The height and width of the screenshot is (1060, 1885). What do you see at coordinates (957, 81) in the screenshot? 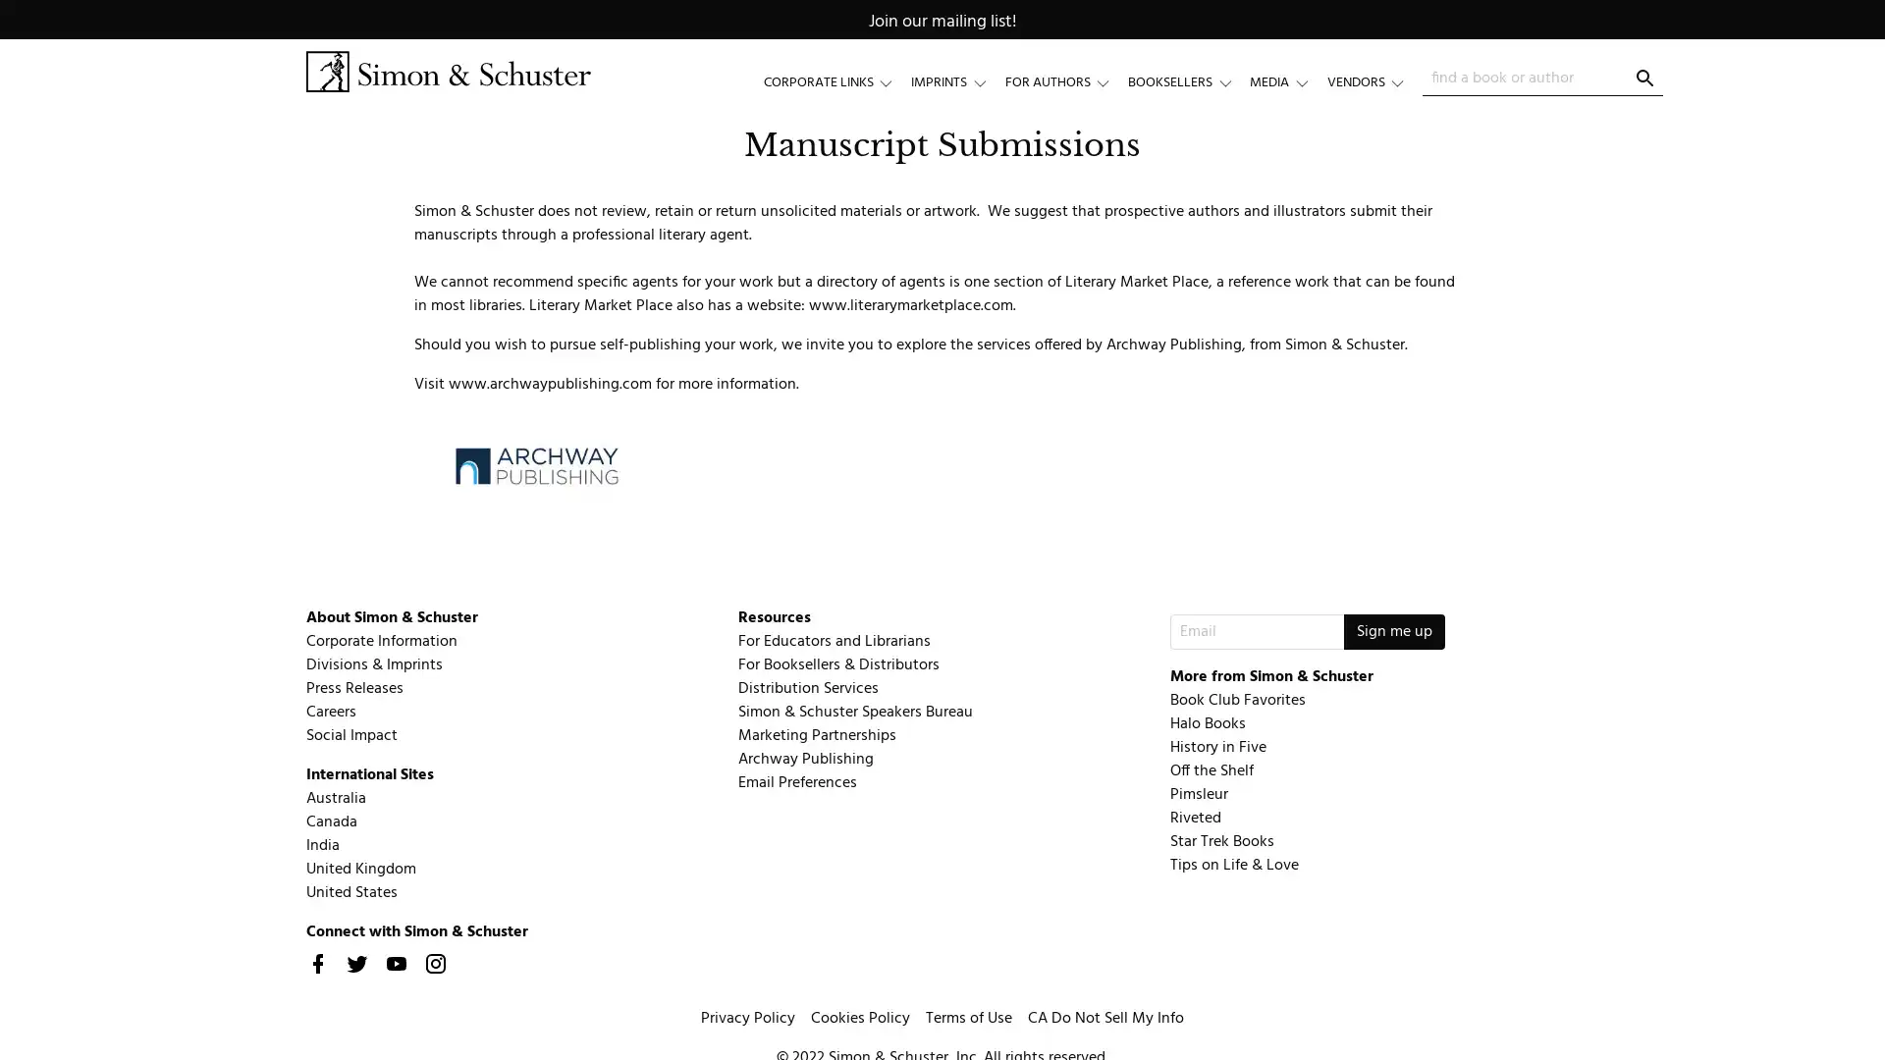
I see `IMPRINTS` at bounding box center [957, 81].